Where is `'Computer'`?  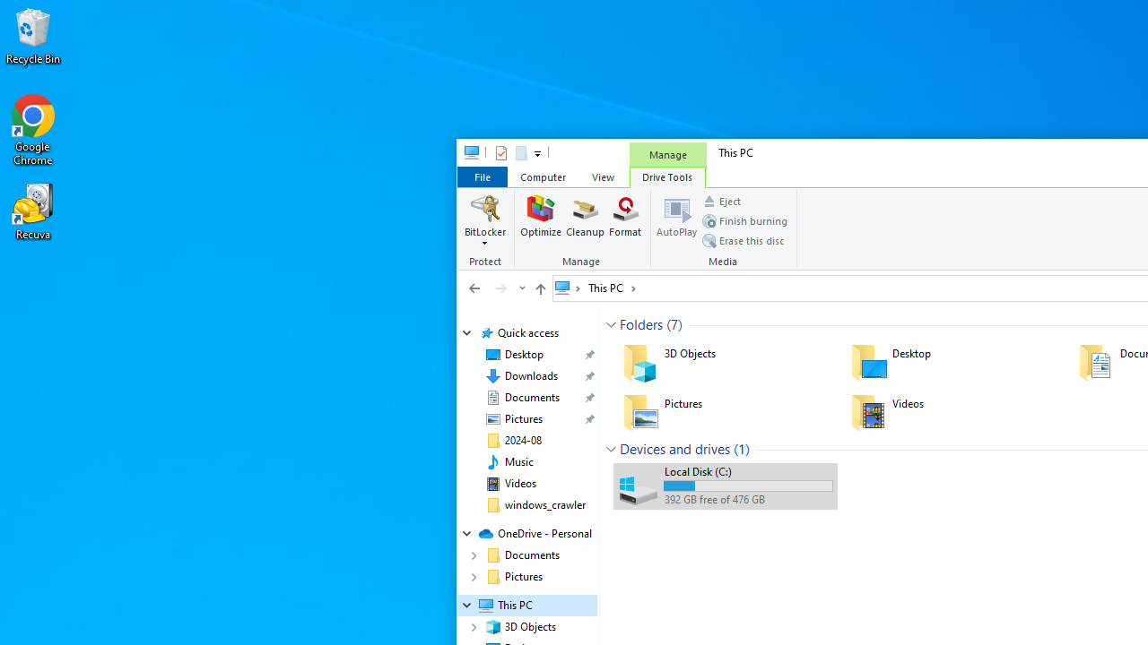 'Computer' is located at coordinates (542, 176).